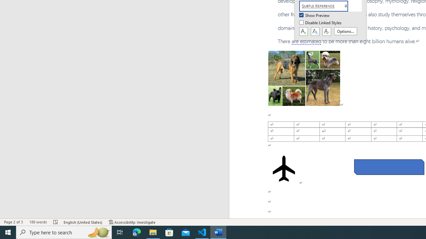 This screenshot has width=426, height=239. I want to click on 'Disable Linked Styles', so click(321, 23).